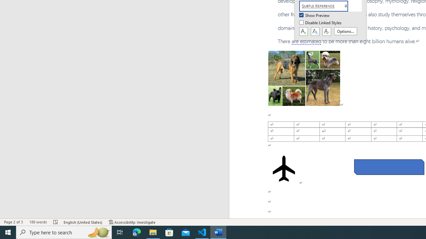 This screenshot has width=426, height=239. I want to click on 'Disable Linked Styles', so click(321, 23).